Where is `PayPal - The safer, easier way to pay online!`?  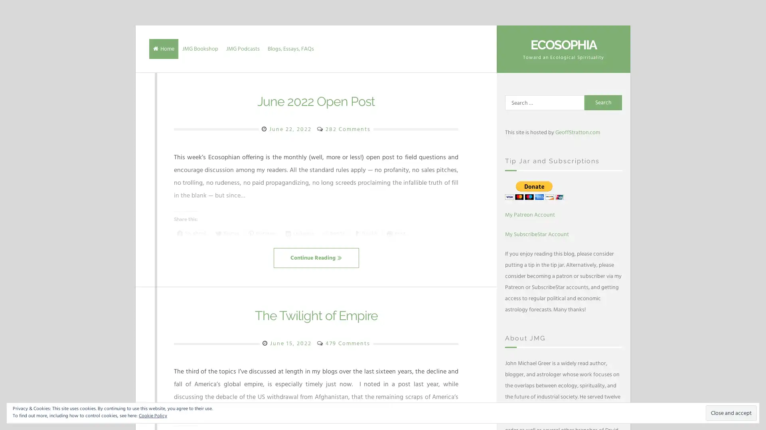
PayPal - The safer, easier way to pay online! is located at coordinates (534, 190).